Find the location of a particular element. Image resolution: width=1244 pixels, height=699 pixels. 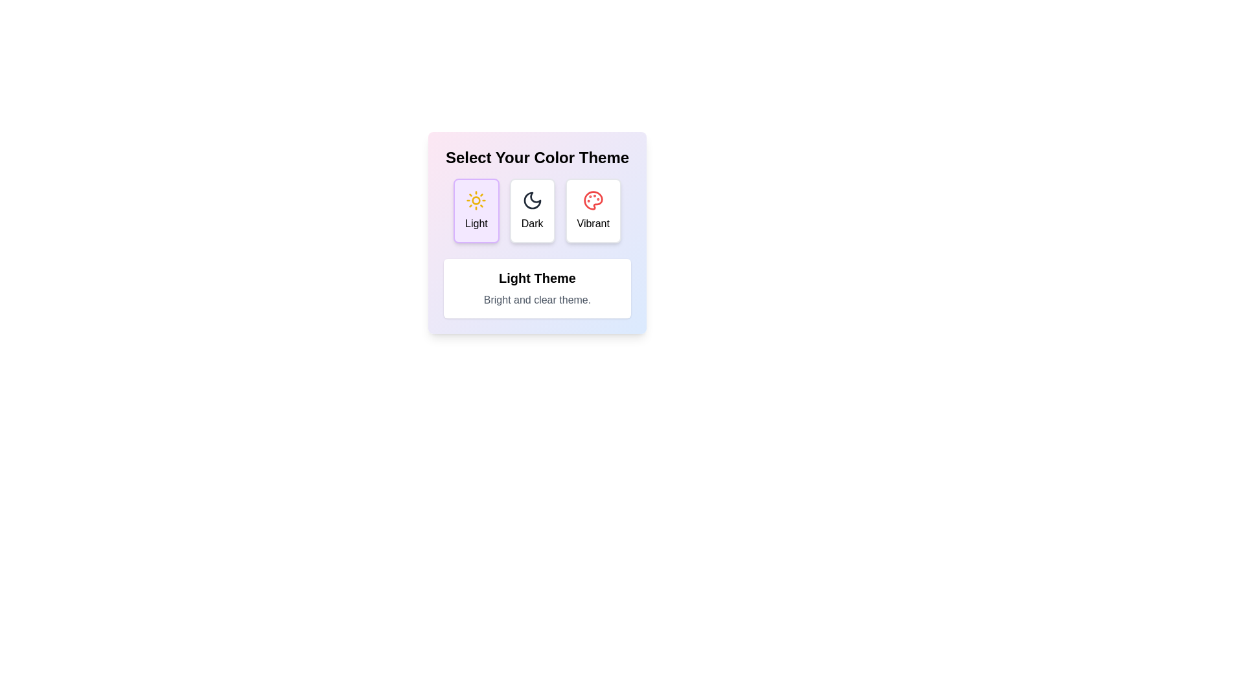

the 'Dark' button-like card element in the color-theme selection interface is located at coordinates (537, 232).